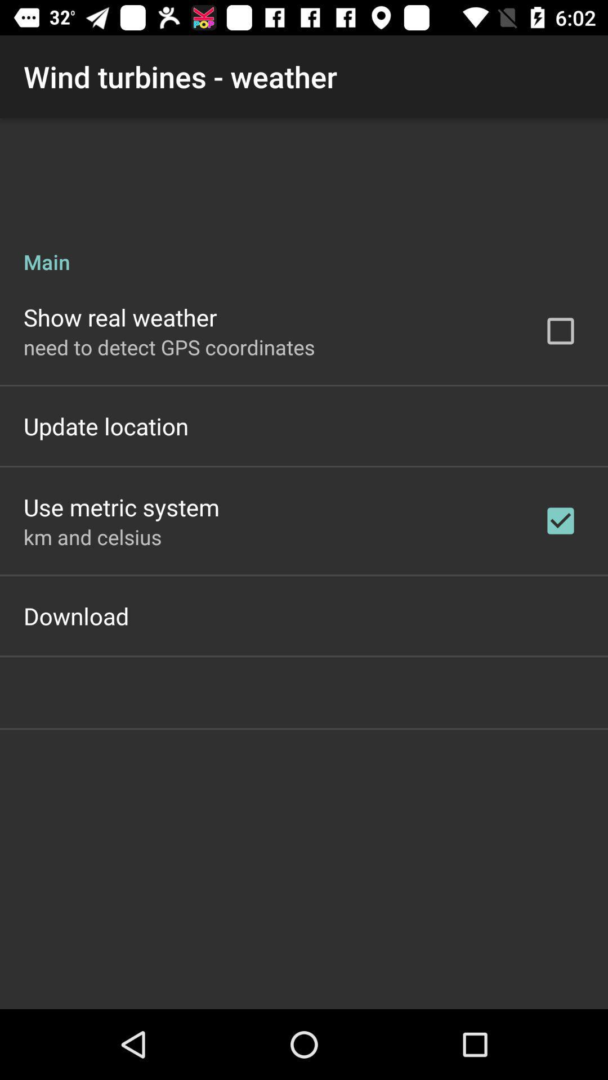 This screenshot has width=608, height=1080. What do you see at coordinates (120, 317) in the screenshot?
I see `app below the main item` at bounding box center [120, 317].